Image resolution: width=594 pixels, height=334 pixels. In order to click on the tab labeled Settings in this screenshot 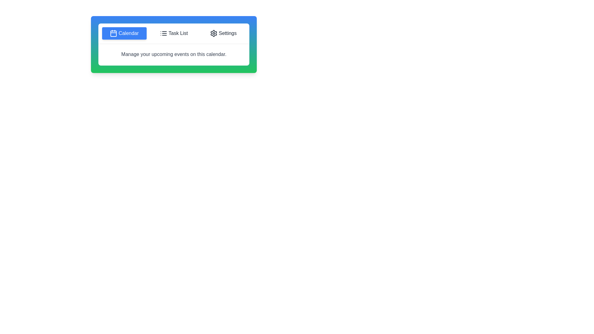, I will do `click(223, 33)`.